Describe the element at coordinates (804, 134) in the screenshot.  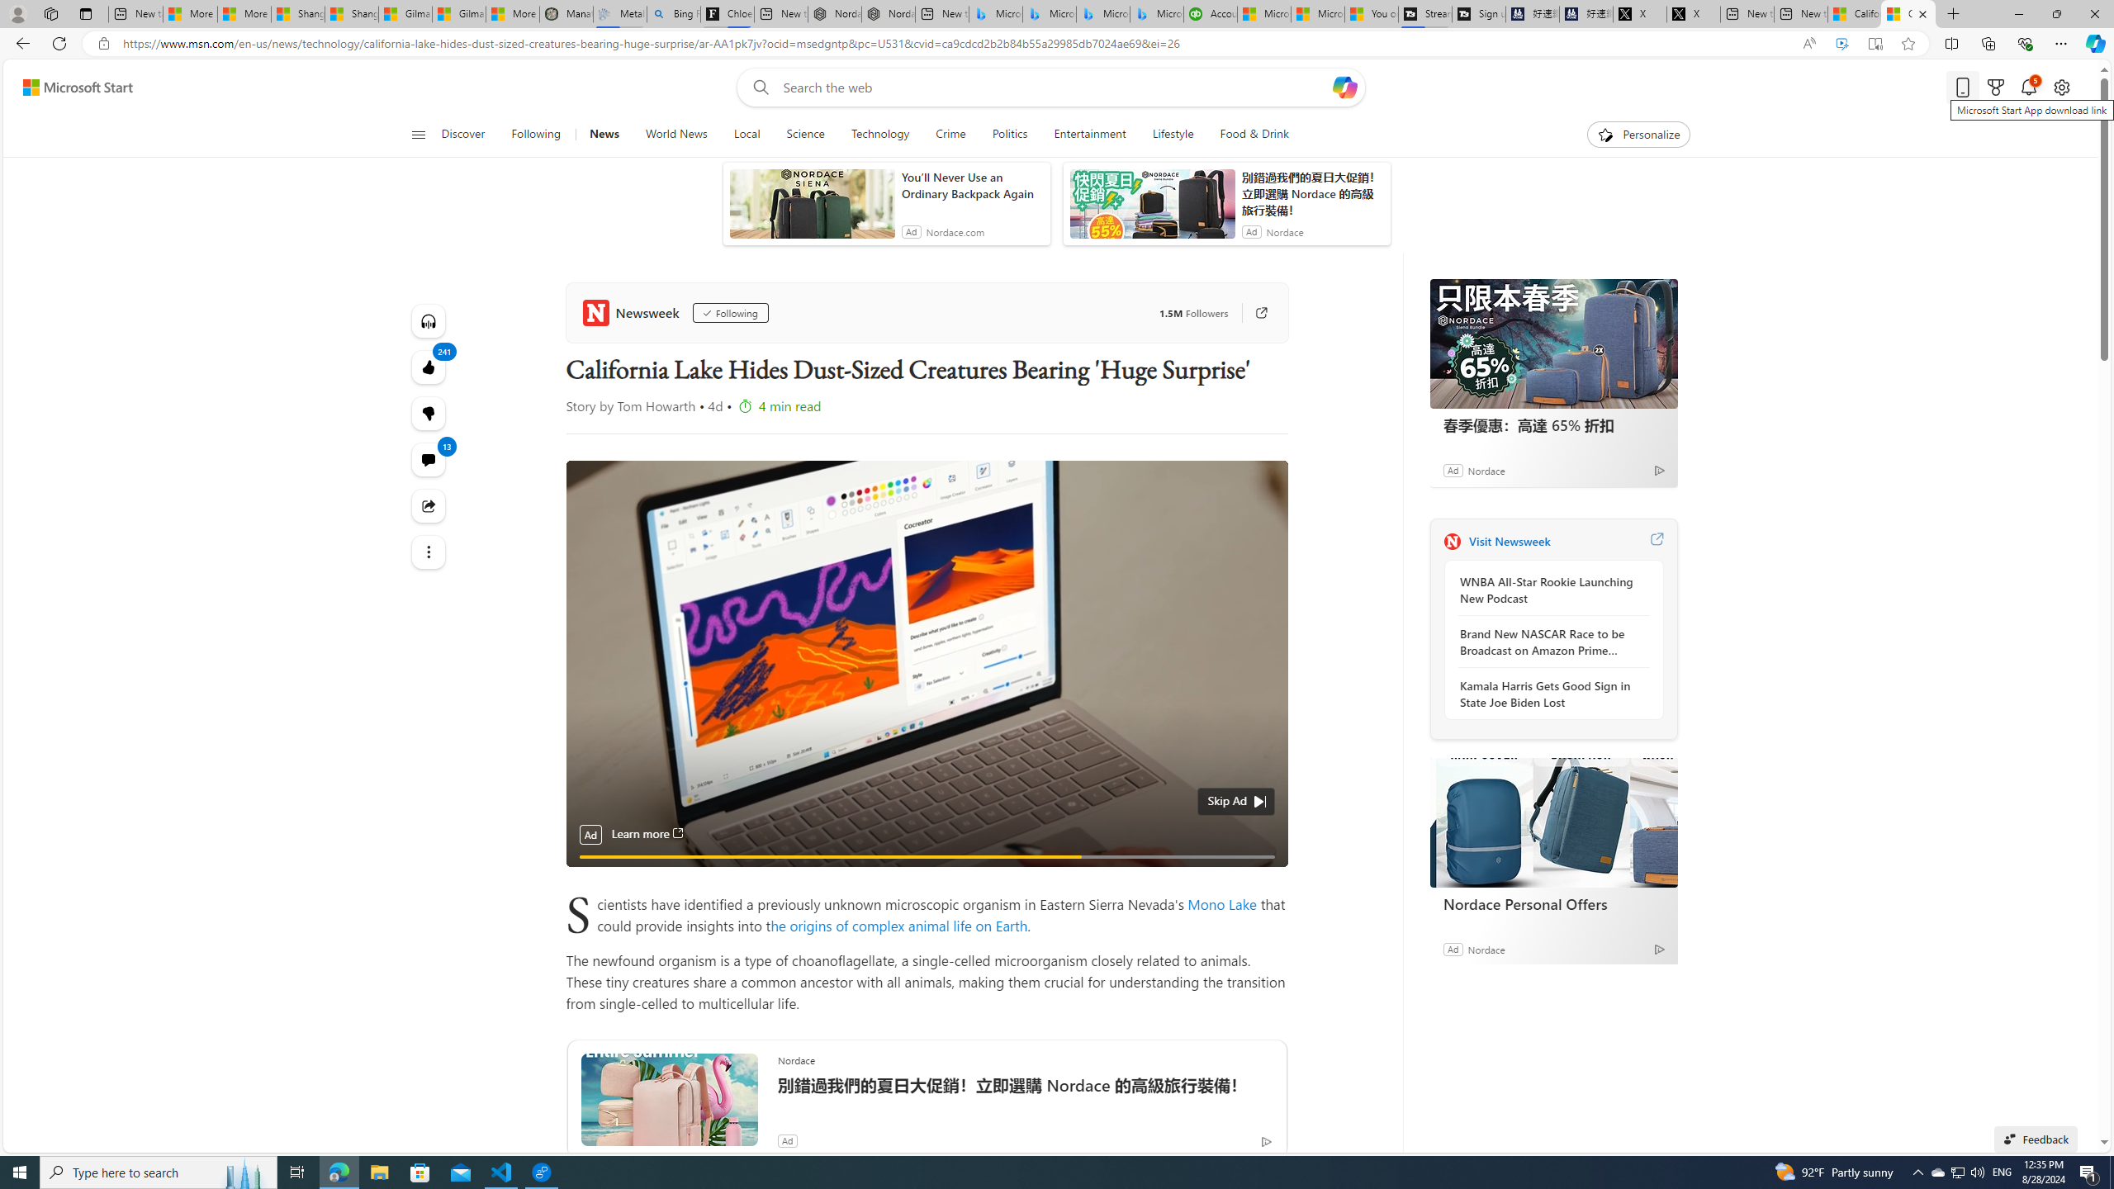
I see `'Science'` at that location.